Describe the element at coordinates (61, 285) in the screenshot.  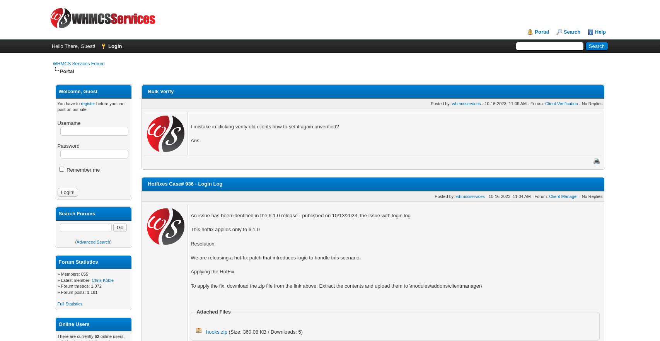
I see `'Forum threads: 1,072'` at that location.